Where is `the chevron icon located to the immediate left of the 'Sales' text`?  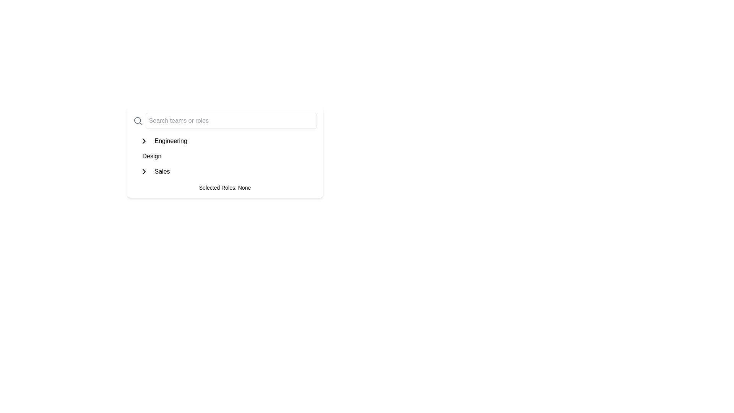 the chevron icon located to the immediate left of the 'Sales' text is located at coordinates (144, 171).